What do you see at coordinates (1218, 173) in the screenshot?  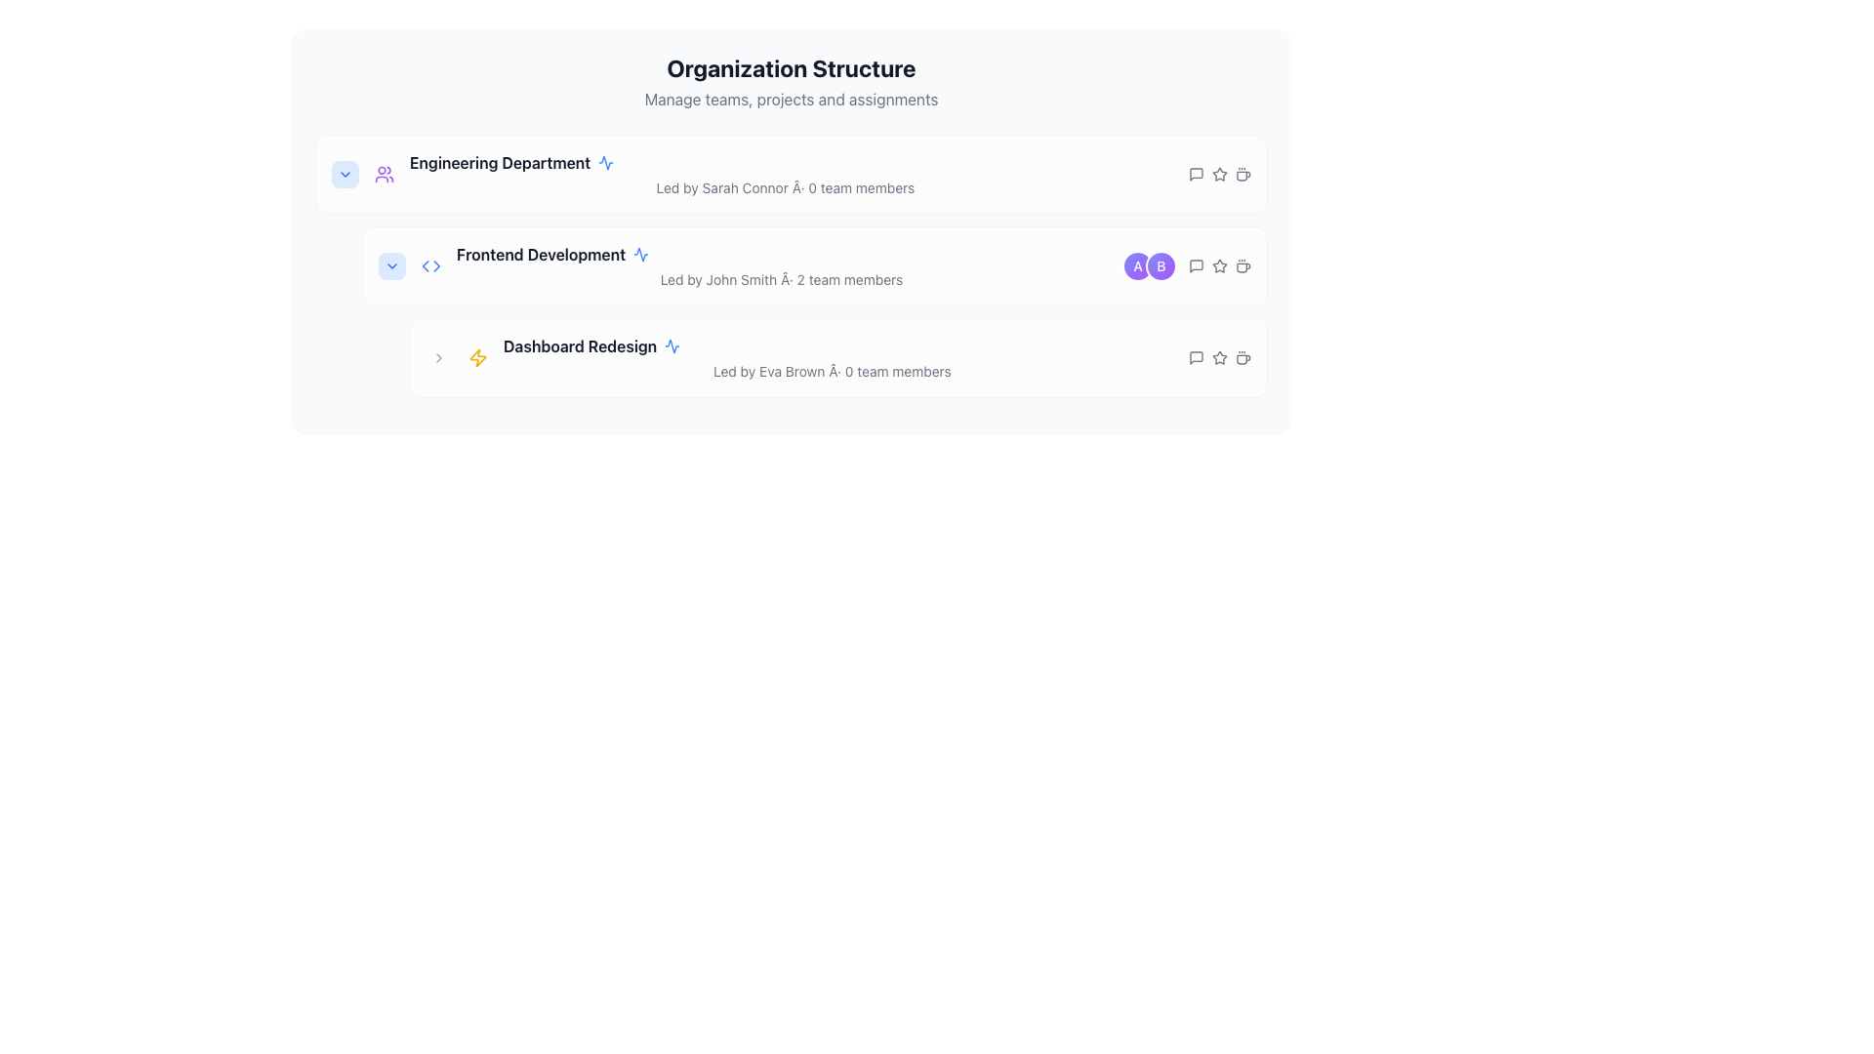 I see `the gray star-shaped icon in the button row labeled 'Engineering Department'` at bounding box center [1218, 173].